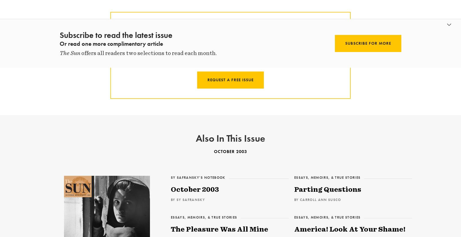 The image size is (461, 237). I want to click on '?', so click(274, 38).